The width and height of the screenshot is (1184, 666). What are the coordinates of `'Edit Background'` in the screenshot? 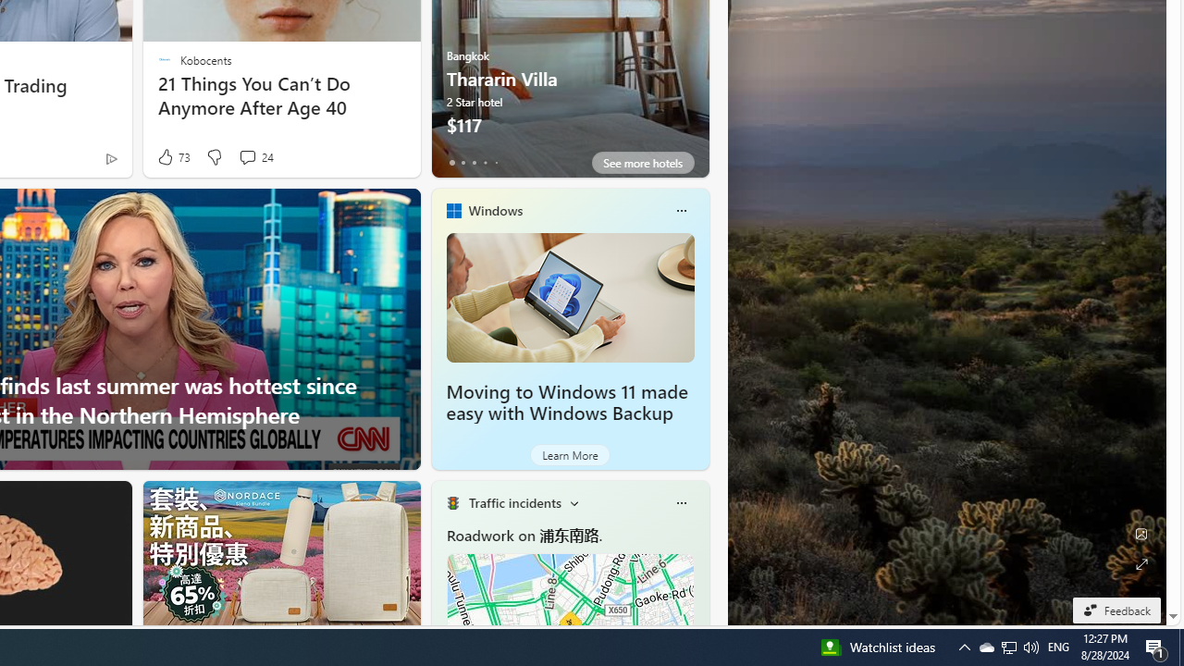 It's located at (1140, 534).